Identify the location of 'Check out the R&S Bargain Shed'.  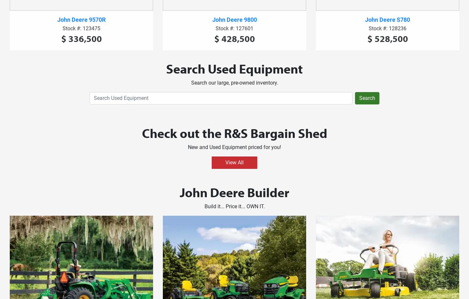
(234, 133).